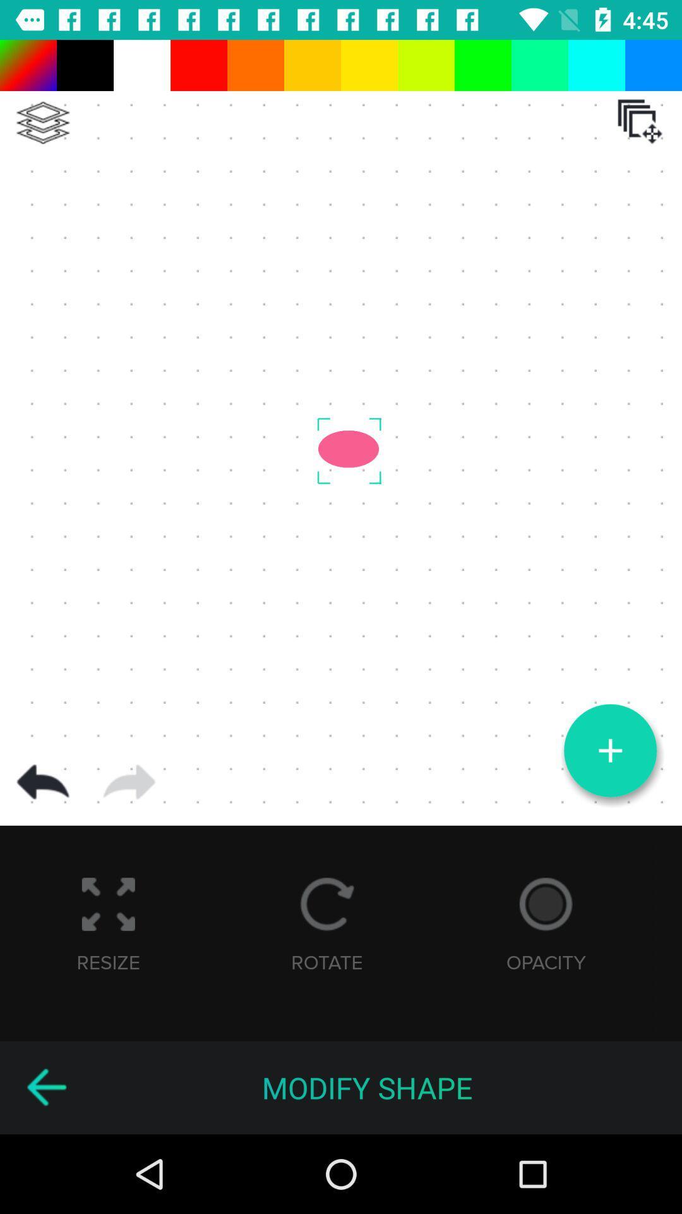 The width and height of the screenshot is (682, 1214). What do you see at coordinates (609, 751) in the screenshot?
I see `the add icon` at bounding box center [609, 751].